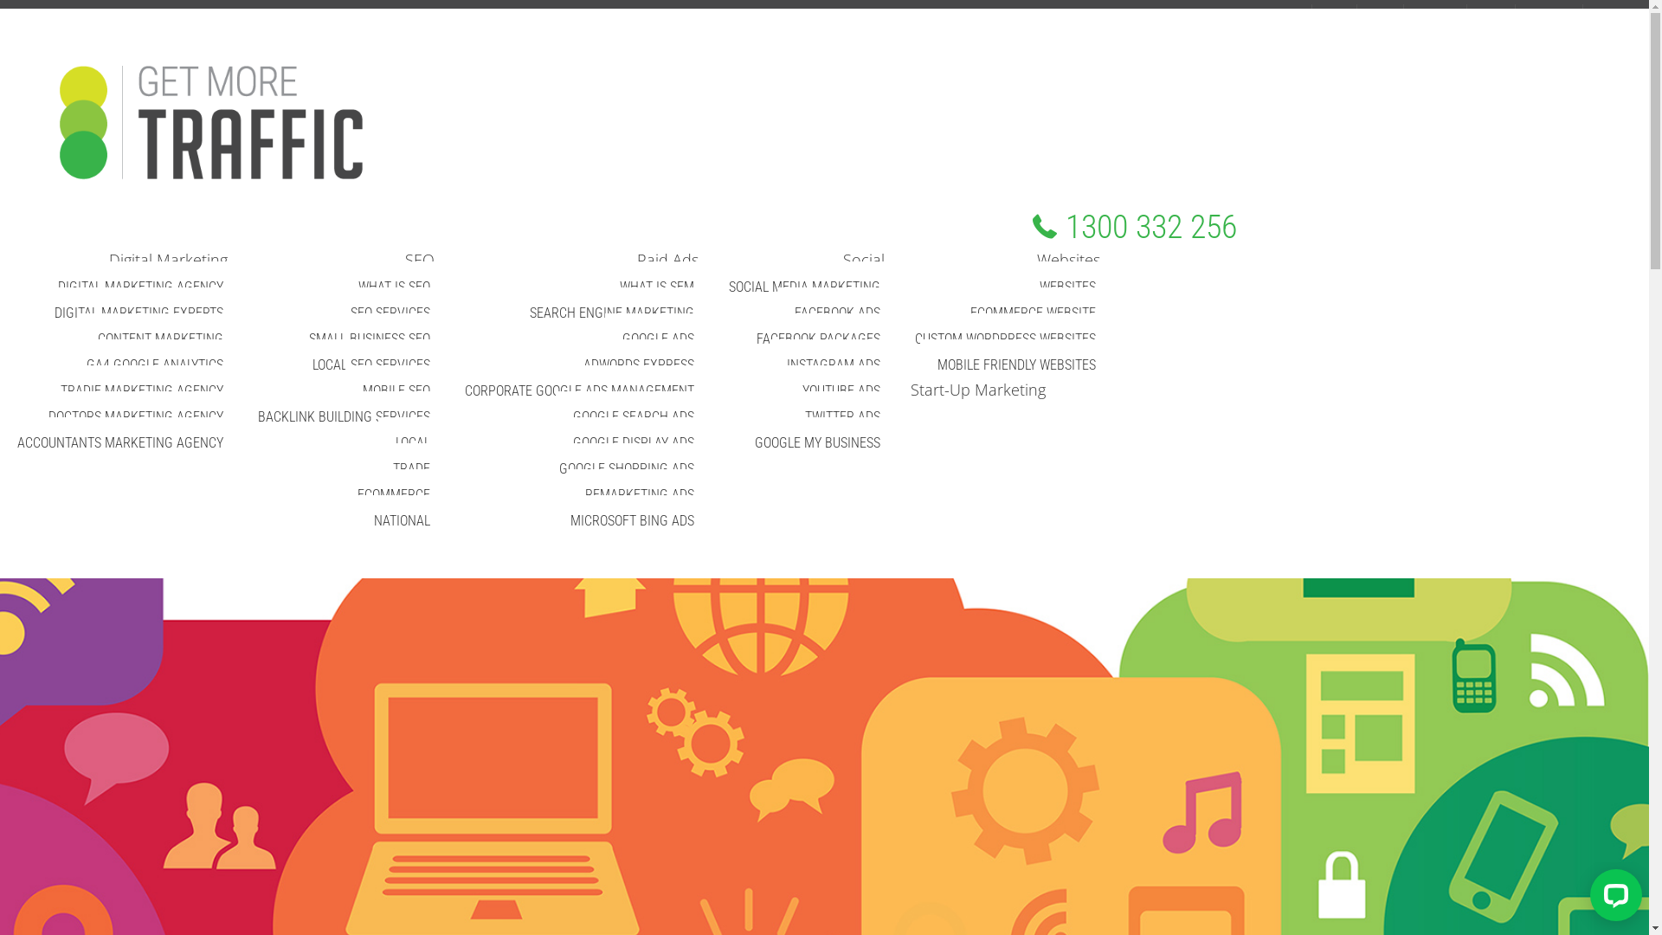 The image size is (1662, 935). I want to click on 'Social', so click(829, 260).